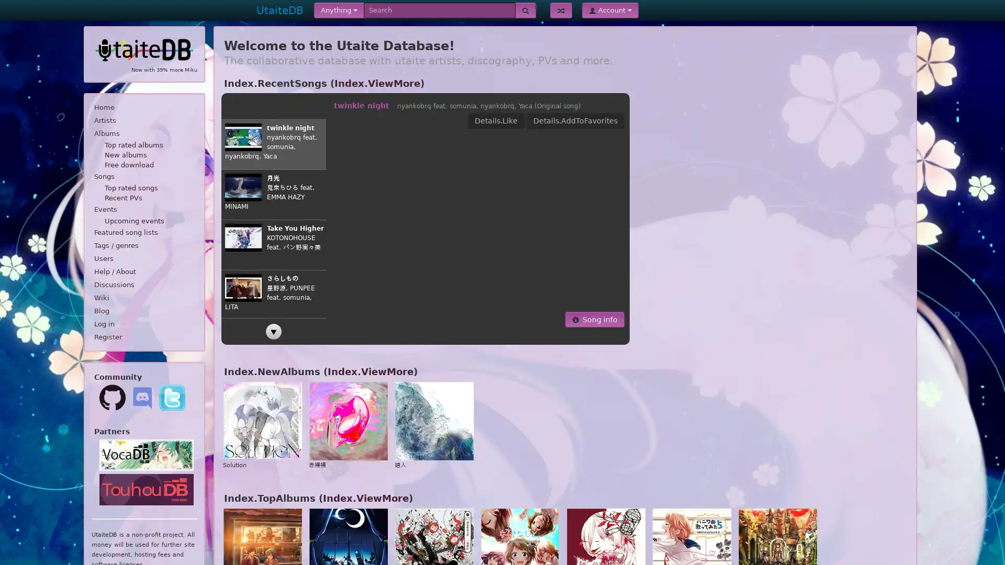 Image resolution: width=1005 pixels, height=565 pixels. What do you see at coordinates (525, 10) in the screenshot?
I see `Search` at bounding box center [525, 10].